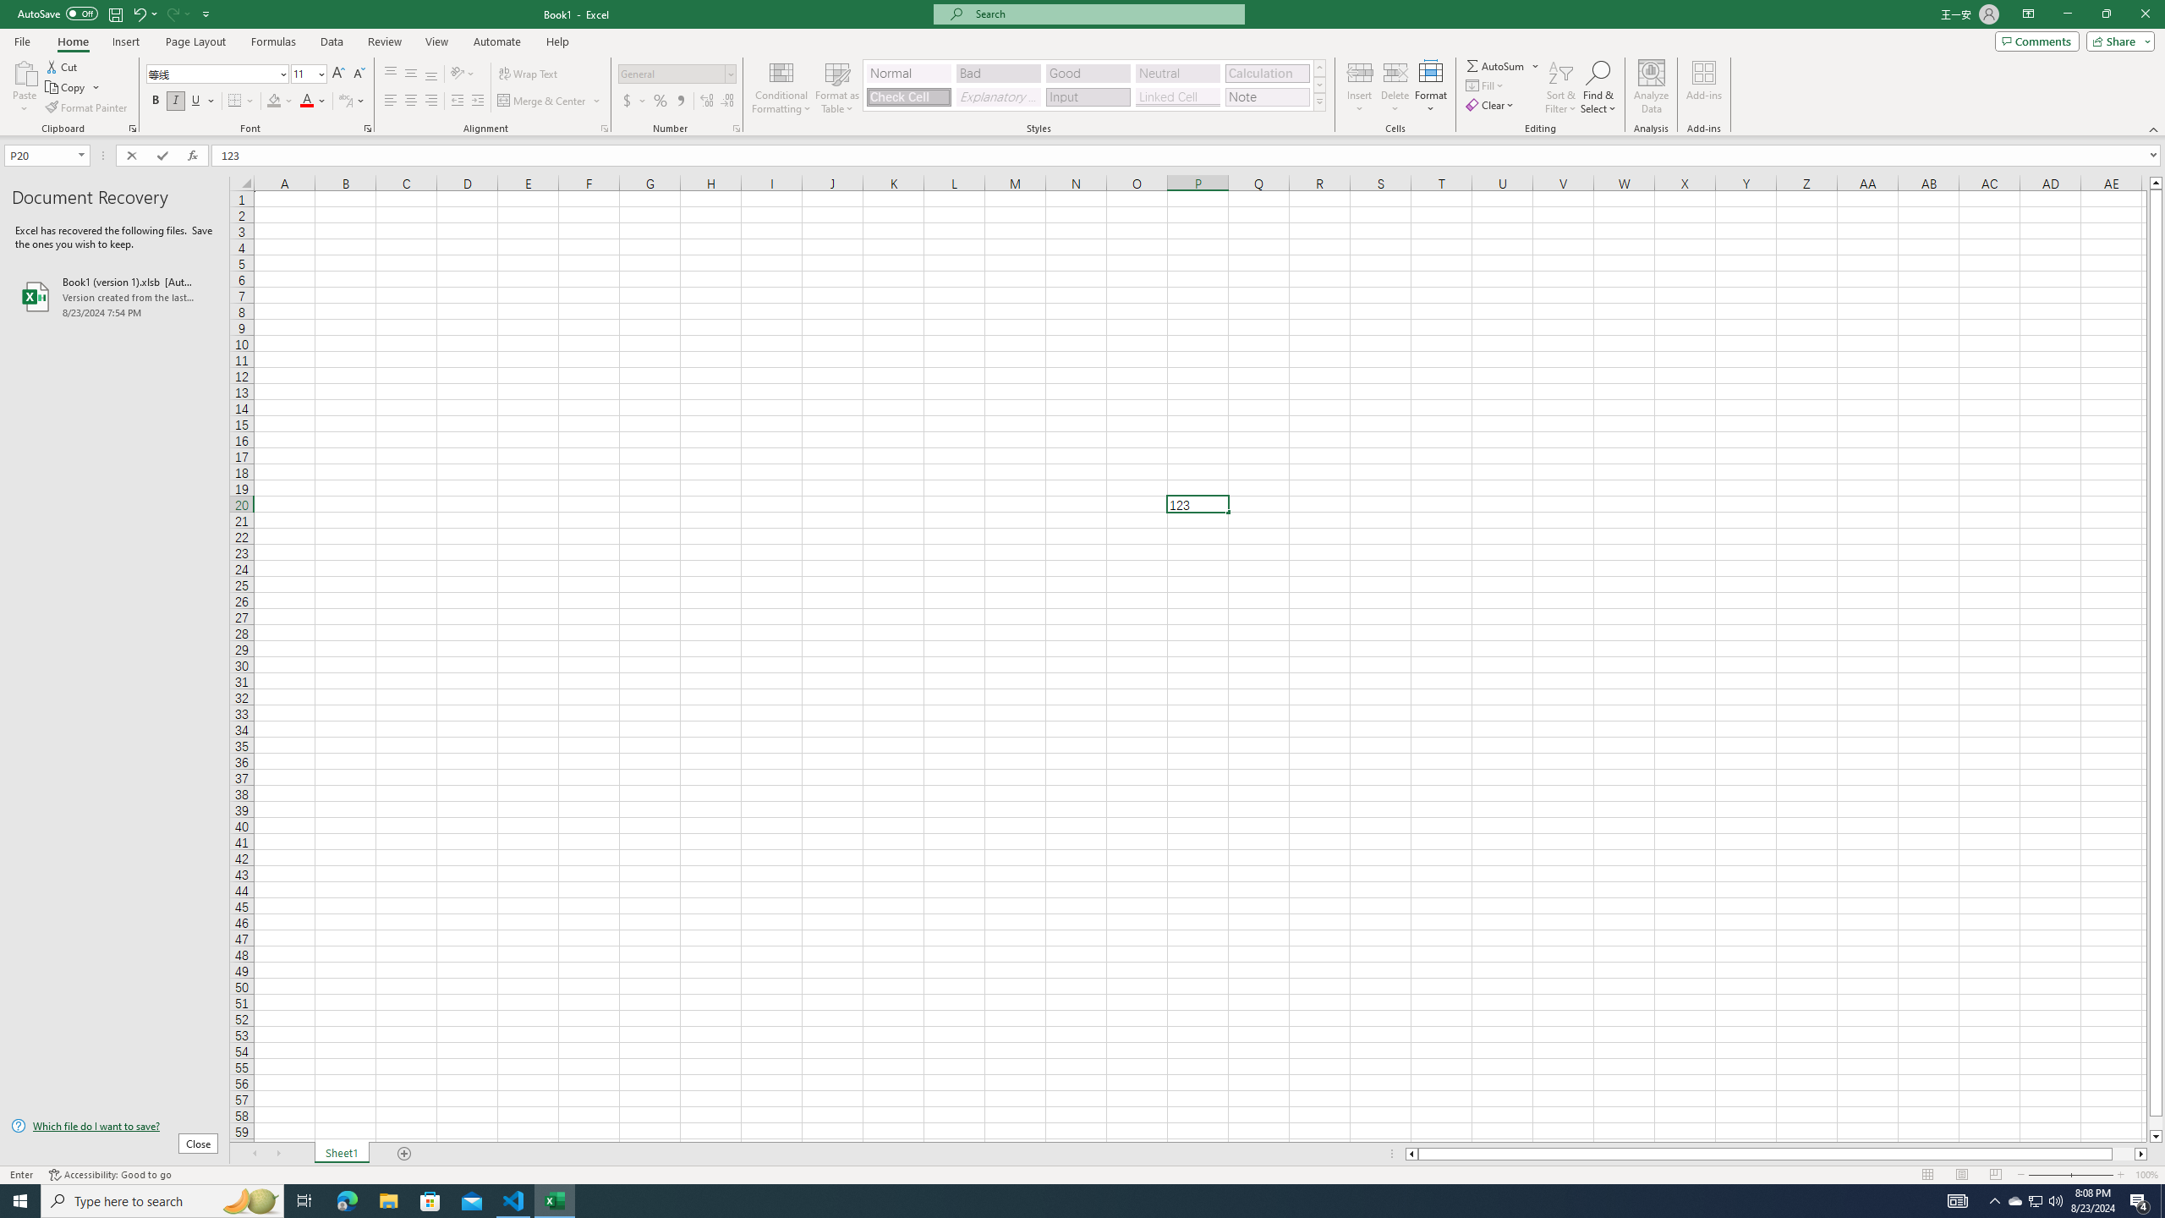  What do you see at coordinates (303, 74) in the screenshot?
I see `'Font Size'` at bounding box center [303, 74].